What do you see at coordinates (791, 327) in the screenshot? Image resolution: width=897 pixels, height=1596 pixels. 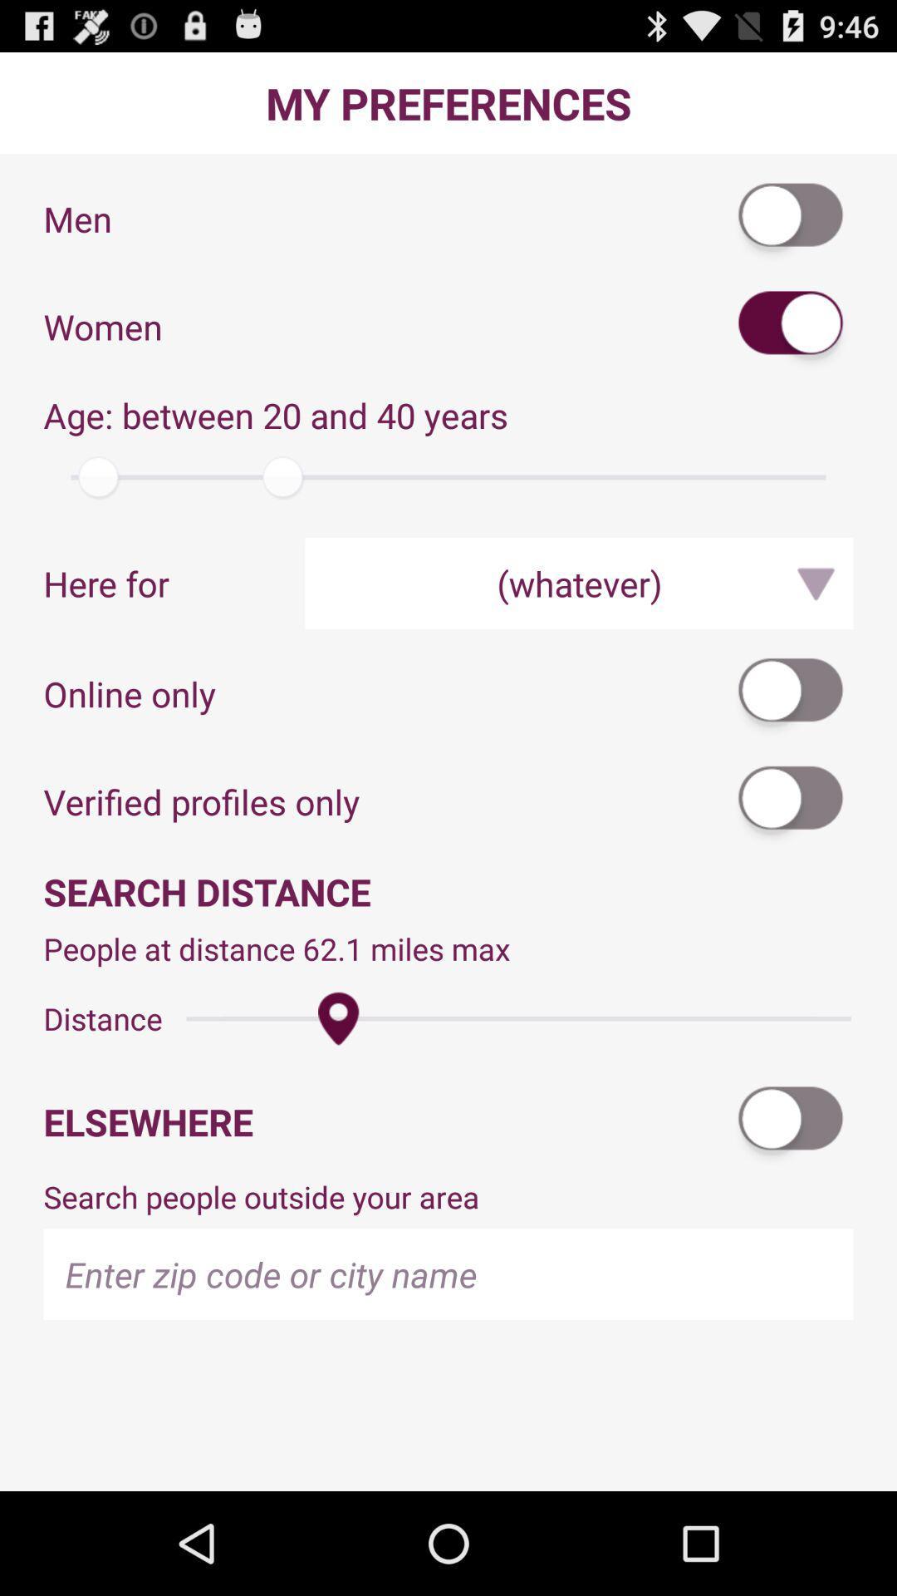 I see `gender option` at bounding box center [791, 327].